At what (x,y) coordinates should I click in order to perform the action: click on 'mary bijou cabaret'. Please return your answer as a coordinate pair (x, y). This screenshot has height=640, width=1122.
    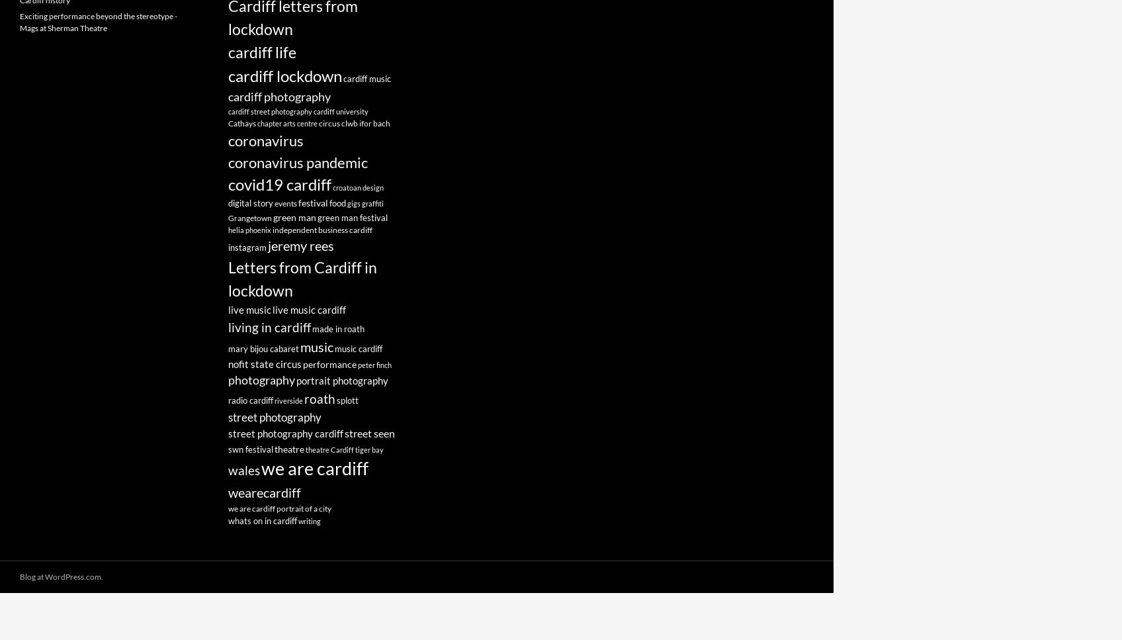
    Looking at the image, I should click on (263, 349).